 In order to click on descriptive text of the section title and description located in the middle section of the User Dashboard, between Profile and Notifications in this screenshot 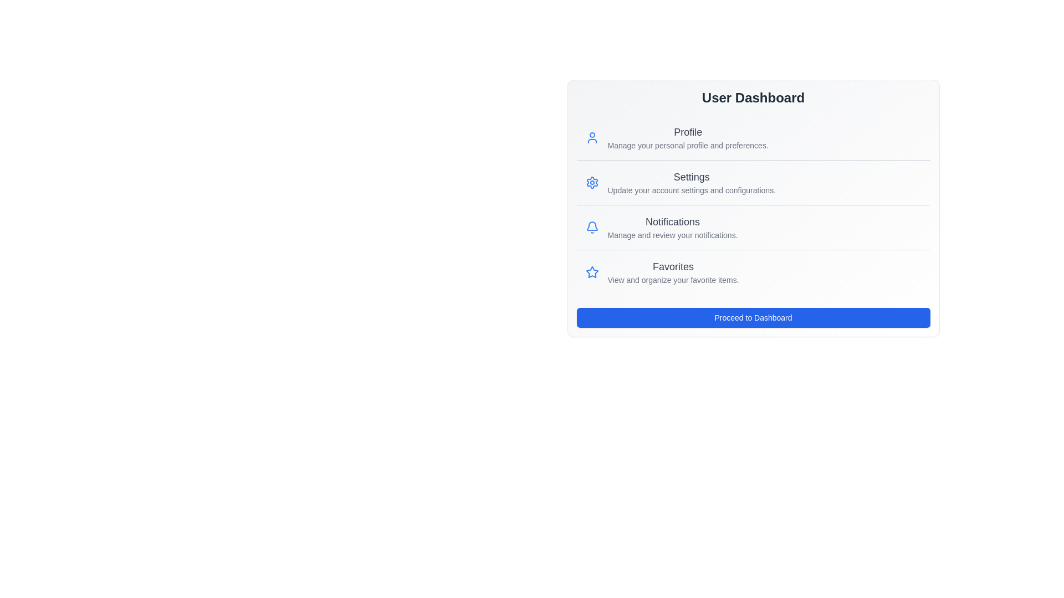, I will do `click(691, 182)`.